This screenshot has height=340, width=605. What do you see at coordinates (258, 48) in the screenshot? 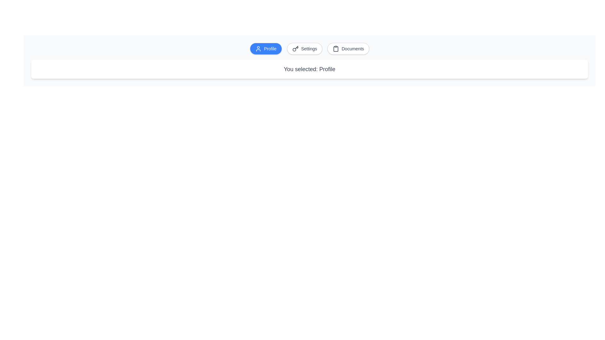
I see `the user profile icon located on the left side of the 'Profile' button in the top left section of the interface` at bounding box center [258, 48].